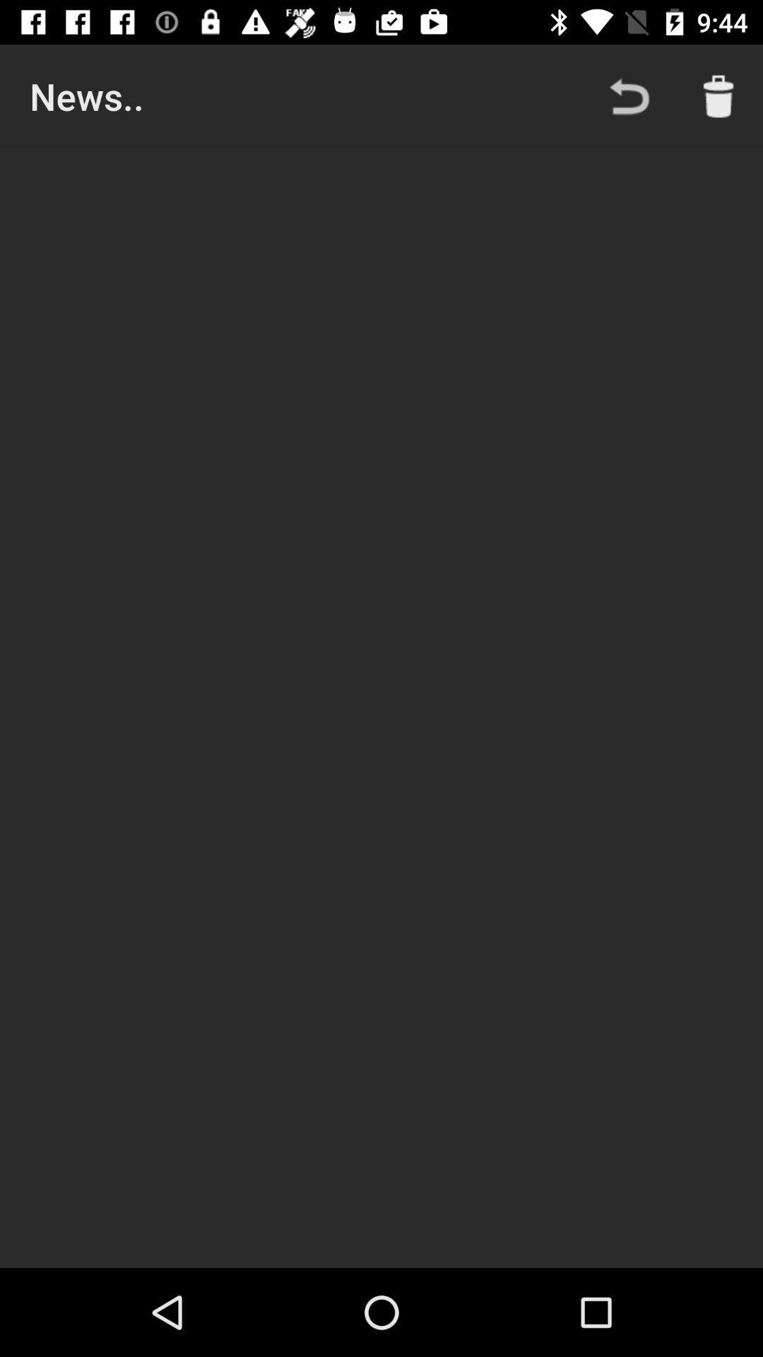 The width and height of the screenshot is (763, 1357). Describe the element at coordinates (381, 708) in the screenshot. I see `icon at the center` at that location.